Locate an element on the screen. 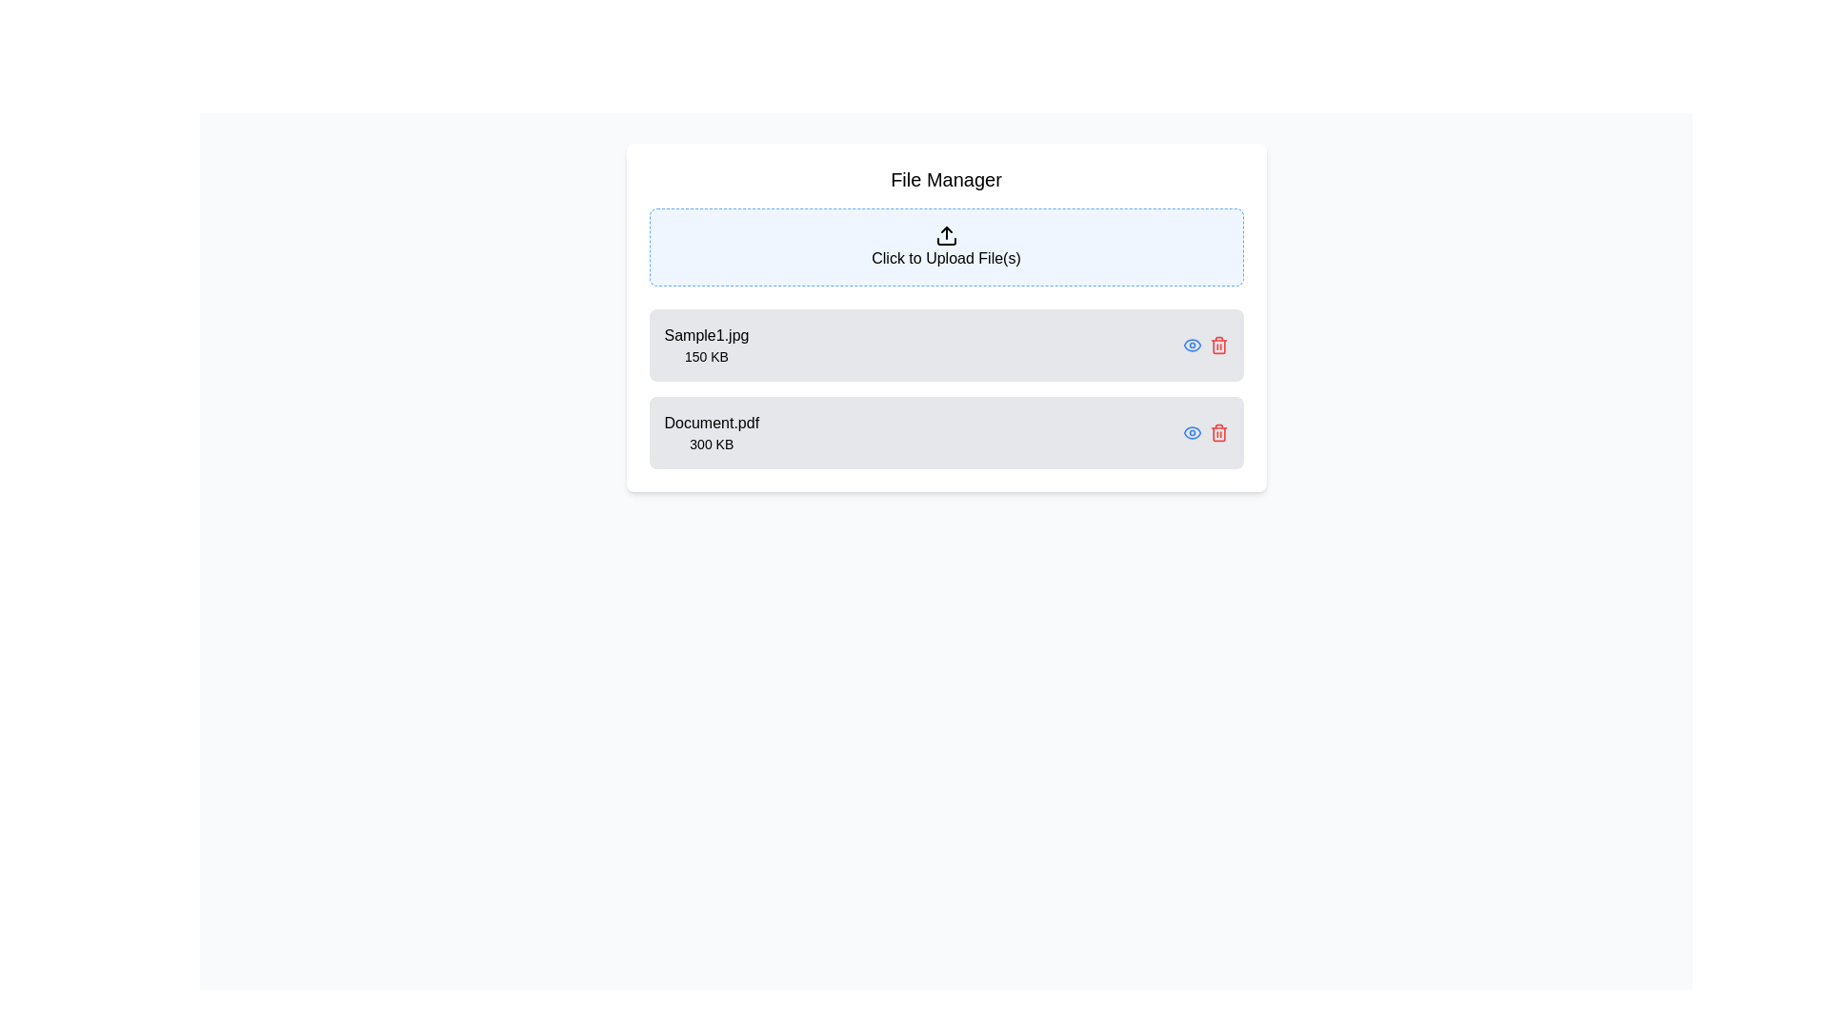 This screenshot has height=1028, width=1829. the trash can icon located in the bottom-right corner of a file entry row in the file manager interface is located at coordinates (1217, 346).